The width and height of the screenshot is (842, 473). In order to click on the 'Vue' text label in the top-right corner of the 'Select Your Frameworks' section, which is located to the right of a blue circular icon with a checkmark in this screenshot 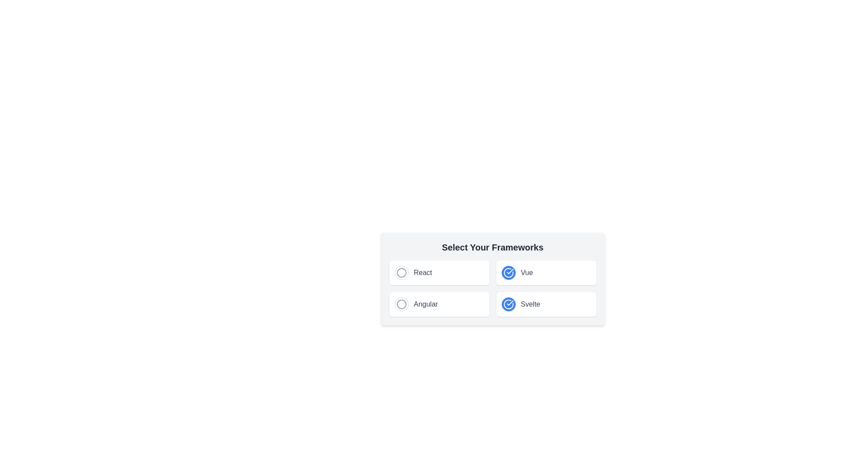, I will do `click(526, 272)`.